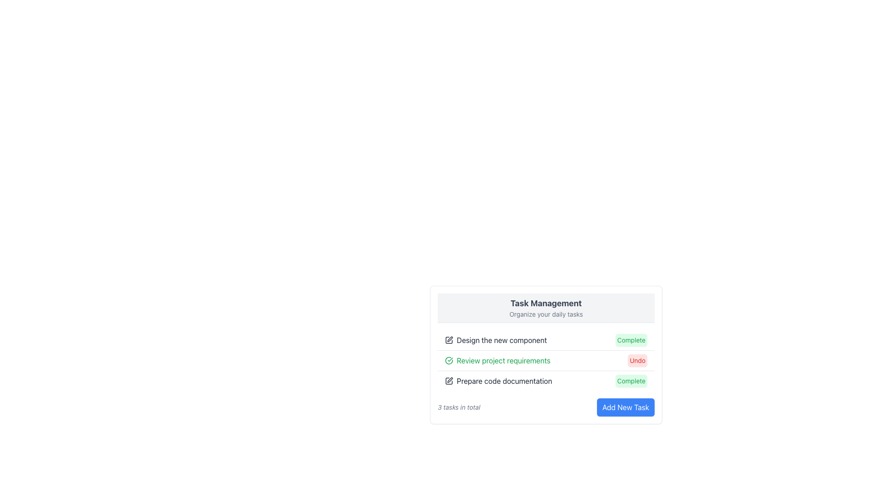 This screenshot has height=490, width=871. What do you see at coordinates (546, 314) in the screenshot?
I see `the text label that provides a subtitle for the 'Task Management' section, located directly below the 'Task Management' title` at bounding box center [546, 314].